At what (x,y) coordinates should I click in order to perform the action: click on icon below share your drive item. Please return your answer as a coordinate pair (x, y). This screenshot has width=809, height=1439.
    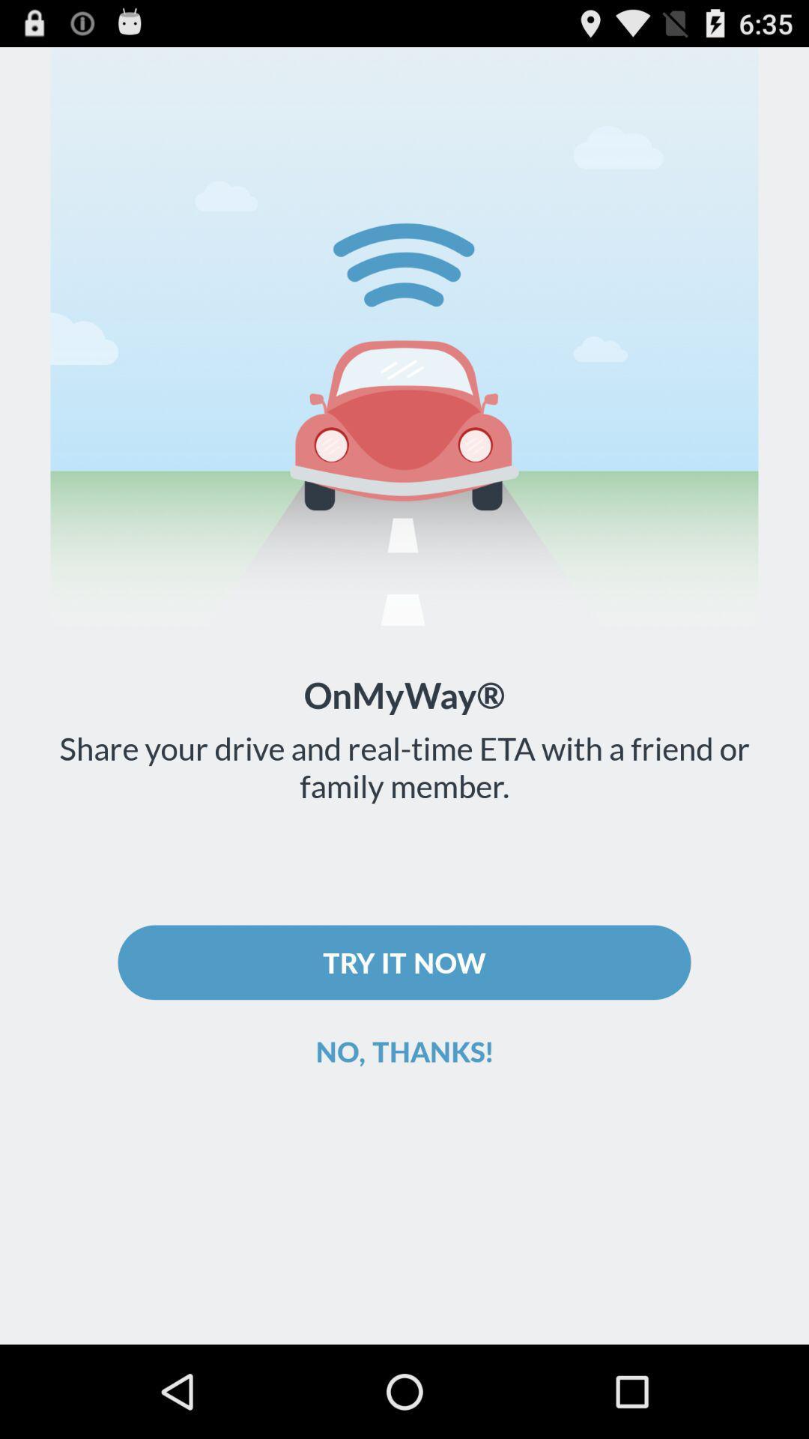
    Looking at the image, I should click on (404, 962).